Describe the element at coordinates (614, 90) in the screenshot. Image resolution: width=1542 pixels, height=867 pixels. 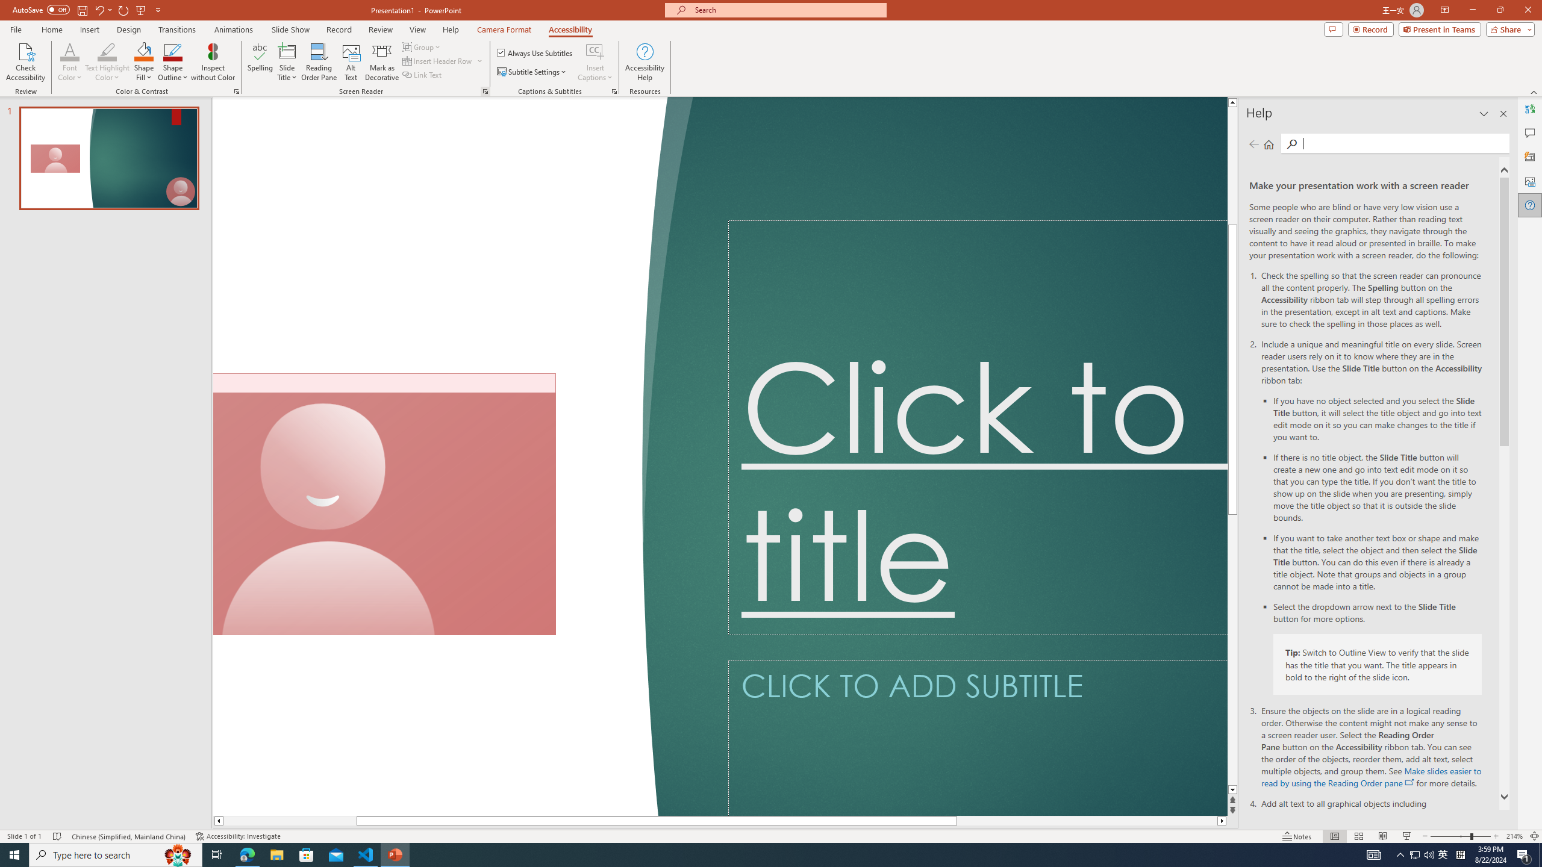
I see `'Captions & Subtitles'` at that location.